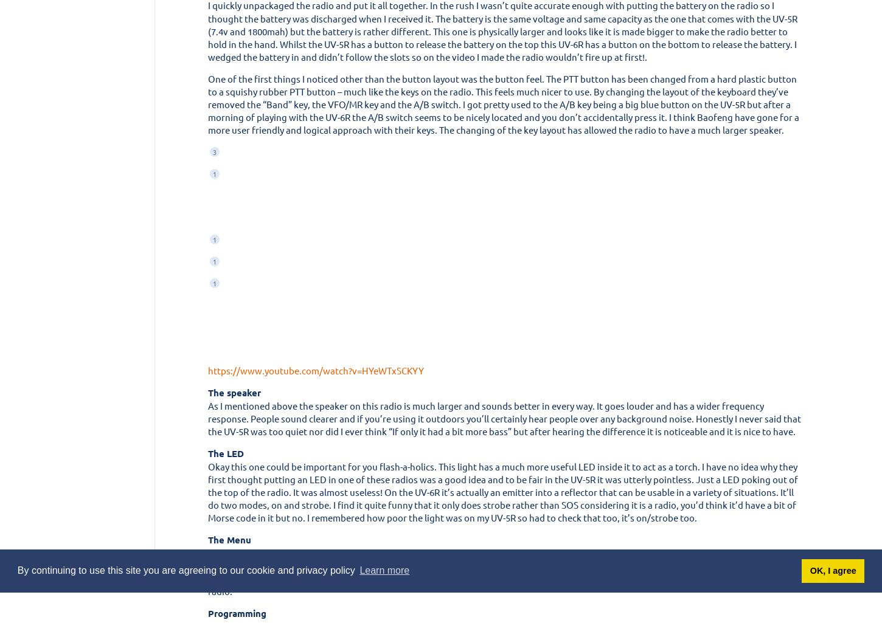 The width and height of the screenshot is (882, 623). Describe the element at coordinates (225, 452) in the screenshot. I see `'The LED'` at that location.